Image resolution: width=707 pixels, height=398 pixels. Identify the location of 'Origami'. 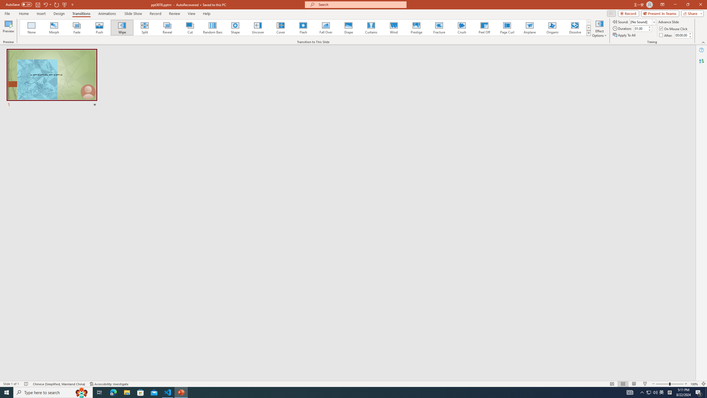
(552, 27).